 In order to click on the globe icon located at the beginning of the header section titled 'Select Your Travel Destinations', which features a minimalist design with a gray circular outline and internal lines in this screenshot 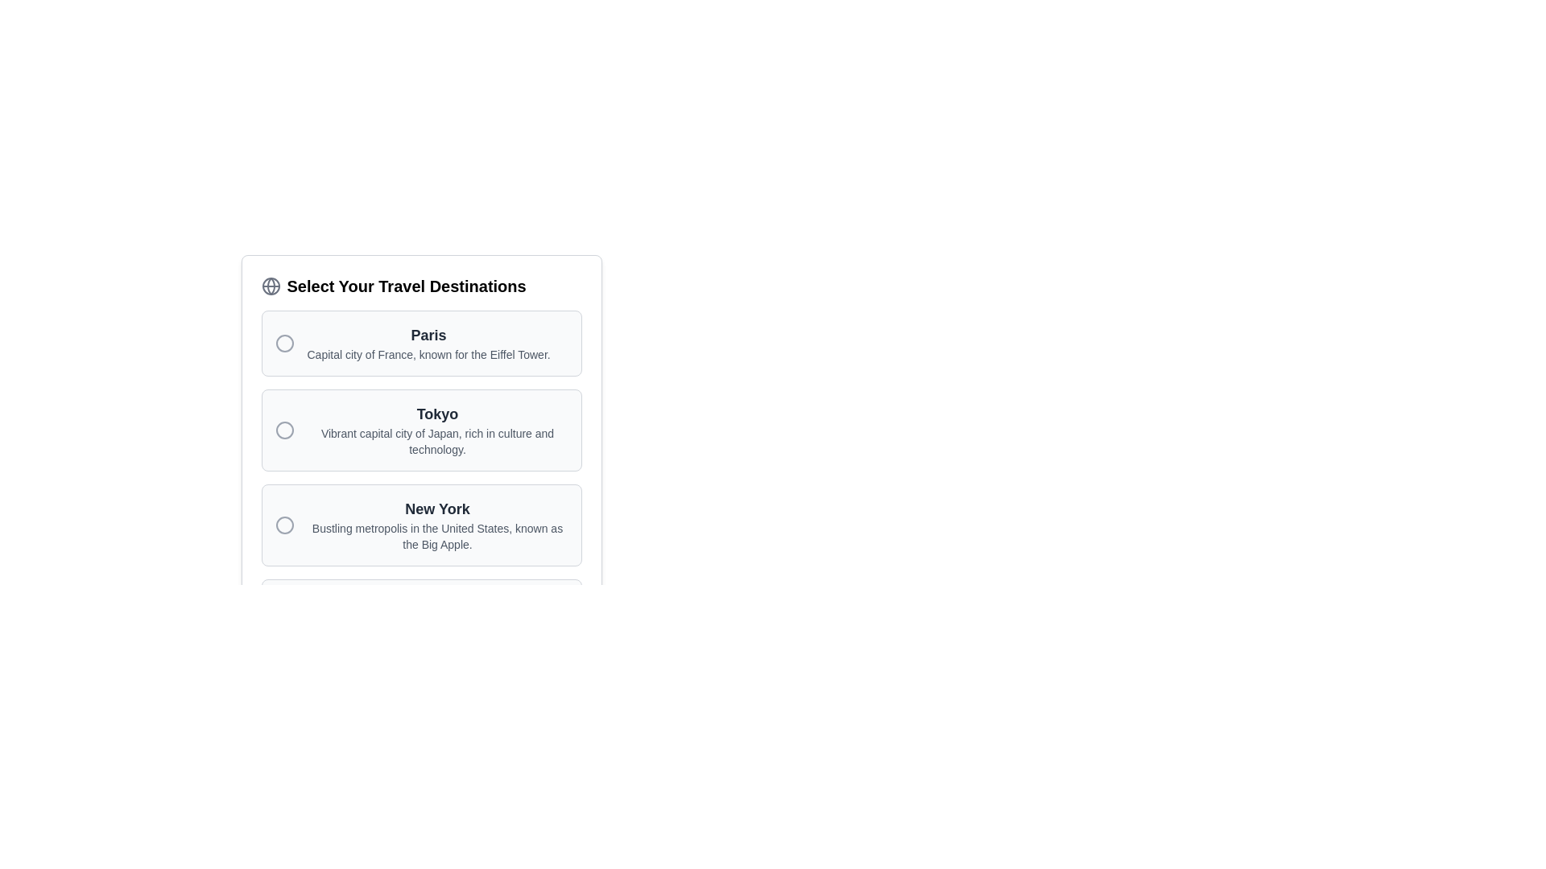, I will do `click(271, 285)`.